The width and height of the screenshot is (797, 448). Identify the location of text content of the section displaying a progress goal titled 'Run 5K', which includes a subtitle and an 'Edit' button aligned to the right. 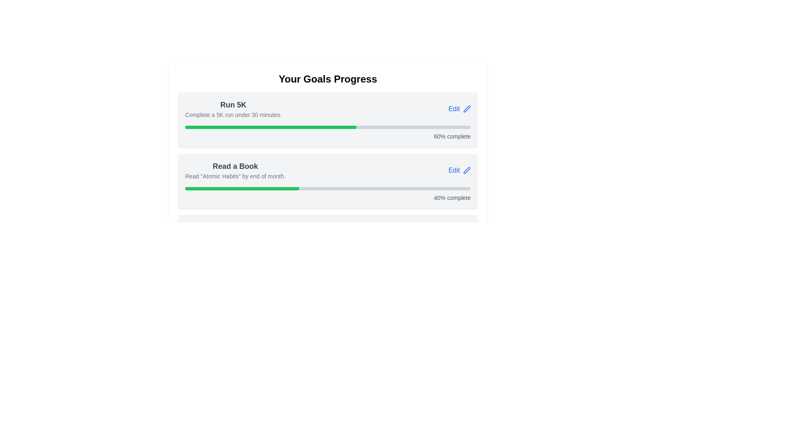
(328, 108).